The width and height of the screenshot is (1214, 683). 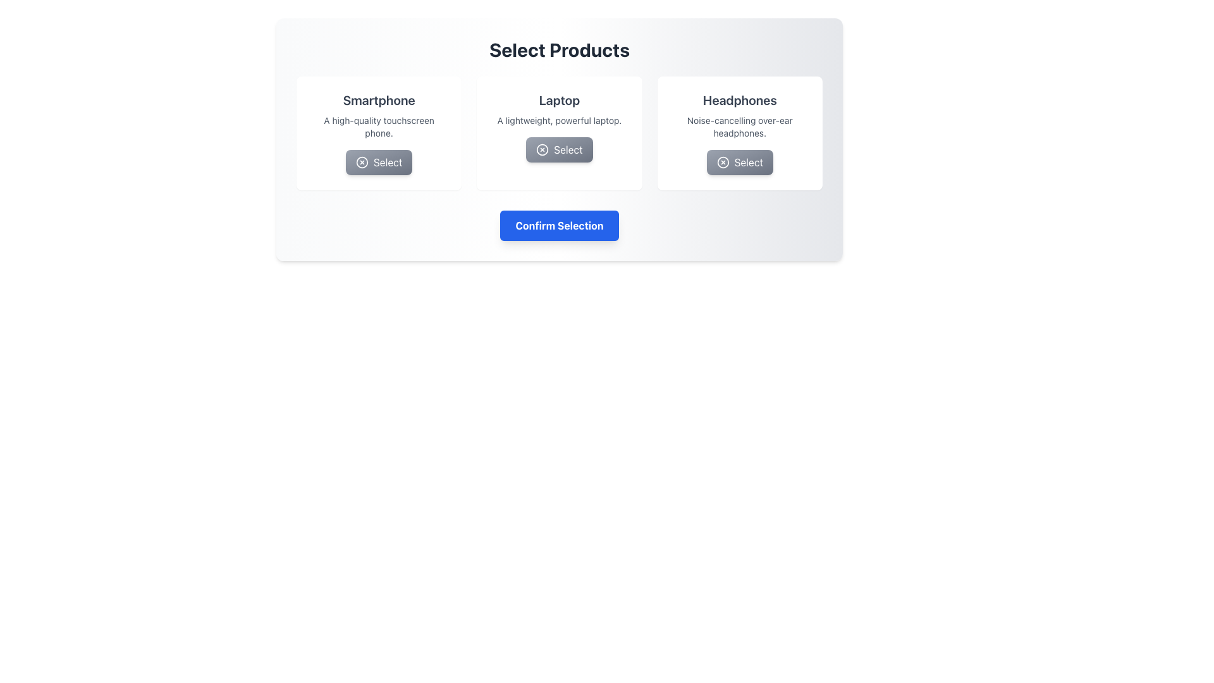 What do you see at coordinates (740, 126) in the screenshot?
I see `the static text element reading 'Noise-cancelling over-ear headphones' located beneath the title 'Headphones' in the third product card` at bounding box center [740, 126].